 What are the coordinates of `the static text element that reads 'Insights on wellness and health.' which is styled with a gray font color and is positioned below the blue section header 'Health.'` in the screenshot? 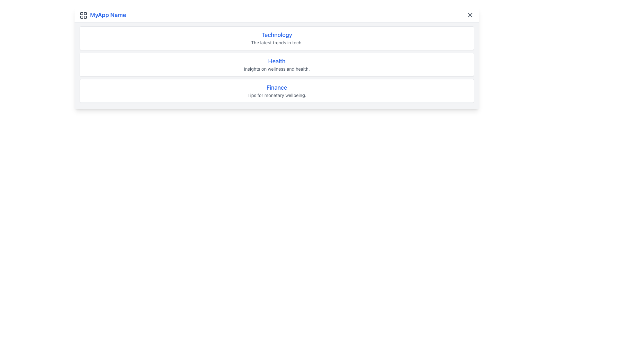 It's located at (277, 69).